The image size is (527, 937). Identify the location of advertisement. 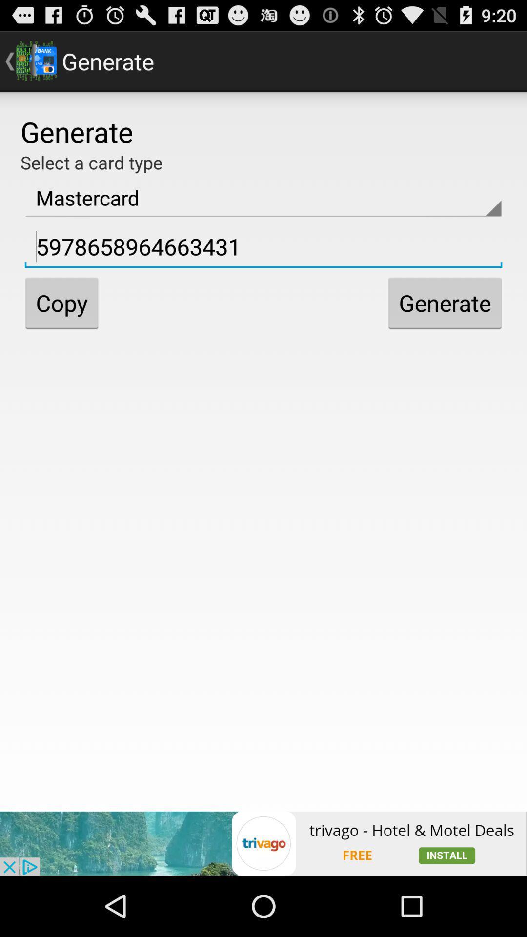
(263, 843).